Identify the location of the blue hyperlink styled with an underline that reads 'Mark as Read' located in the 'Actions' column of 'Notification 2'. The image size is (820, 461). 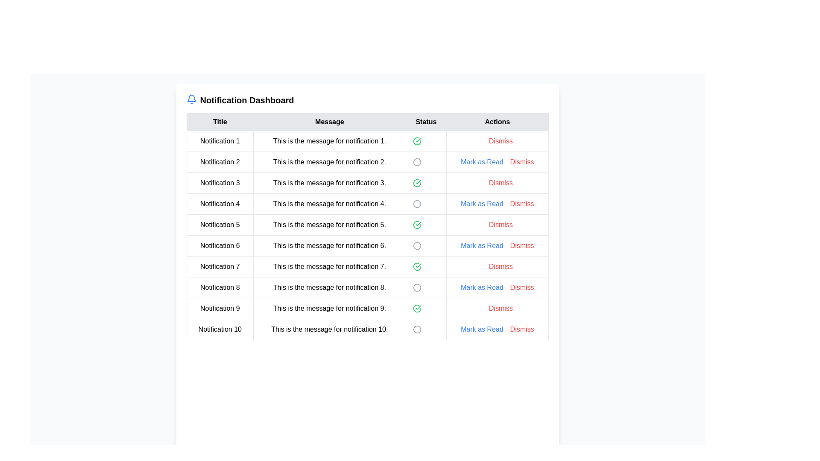
(482, 162).